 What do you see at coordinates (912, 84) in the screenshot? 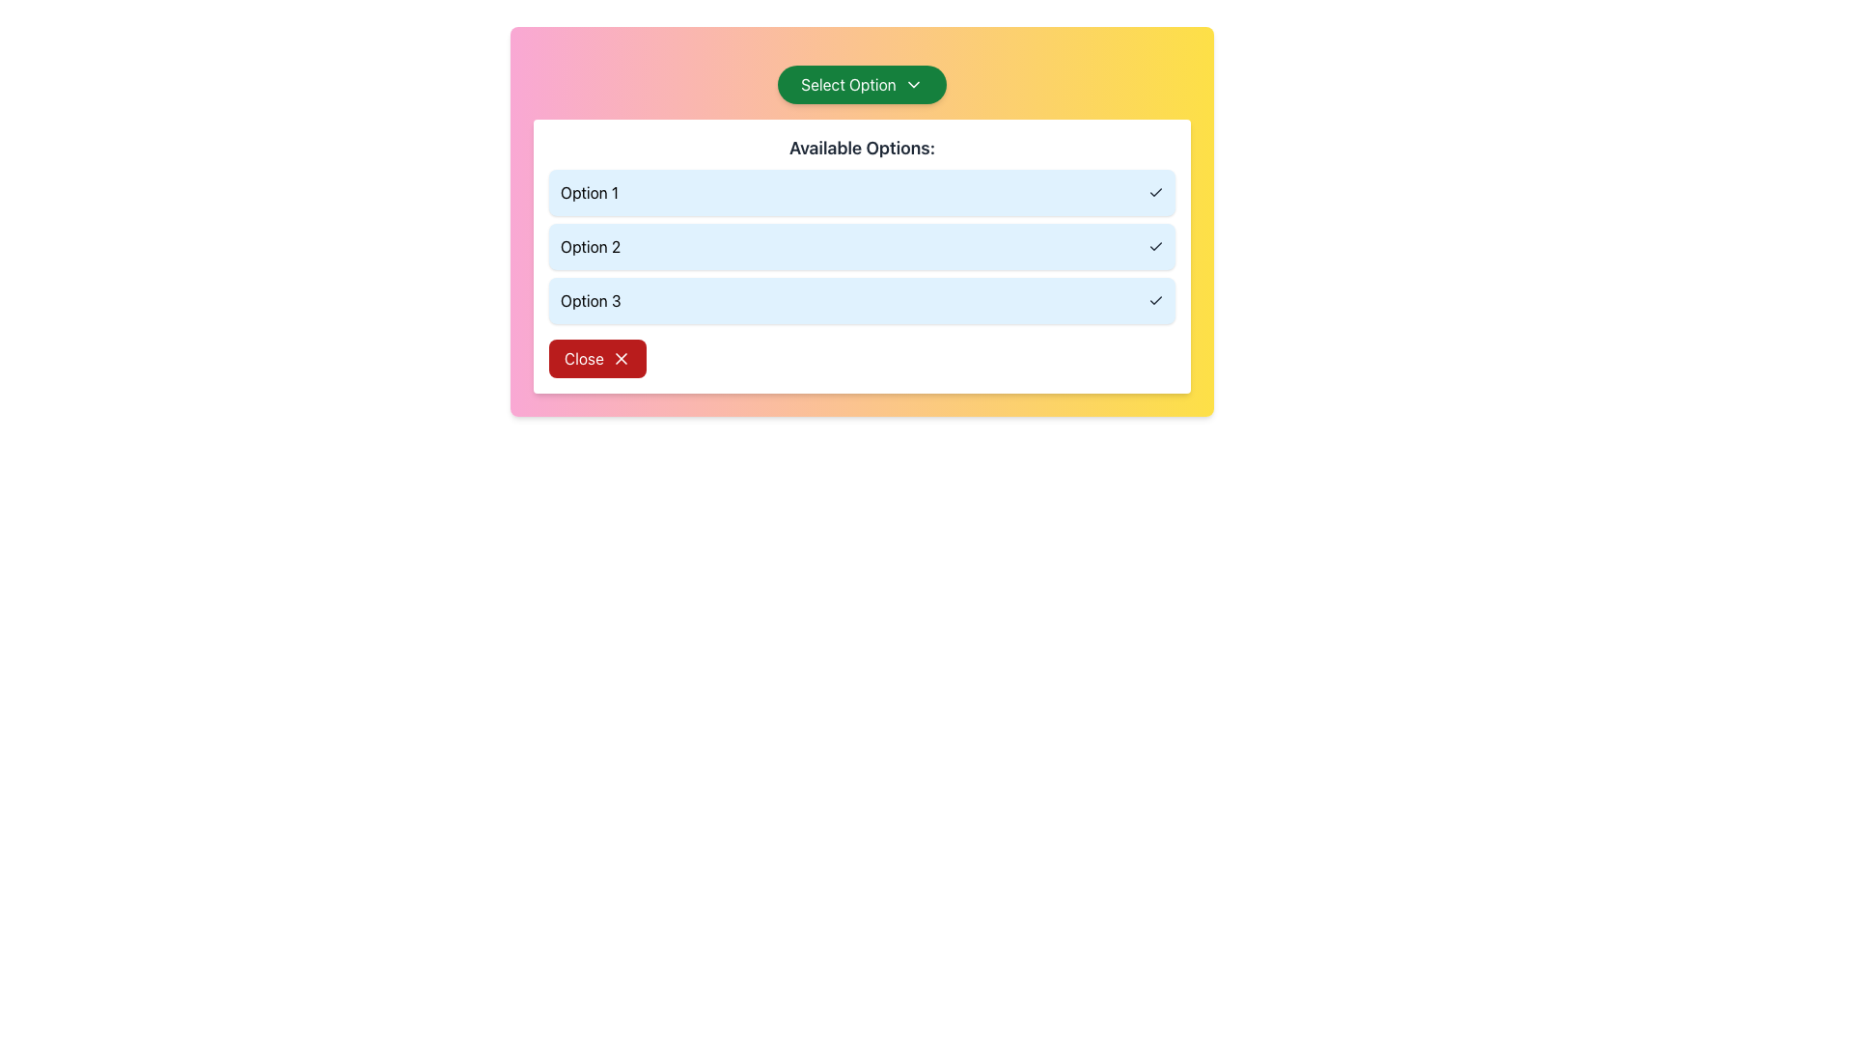
I see `the Chevron icon located to the right of the 'Select Option' button` at bounding box center [912, 84].